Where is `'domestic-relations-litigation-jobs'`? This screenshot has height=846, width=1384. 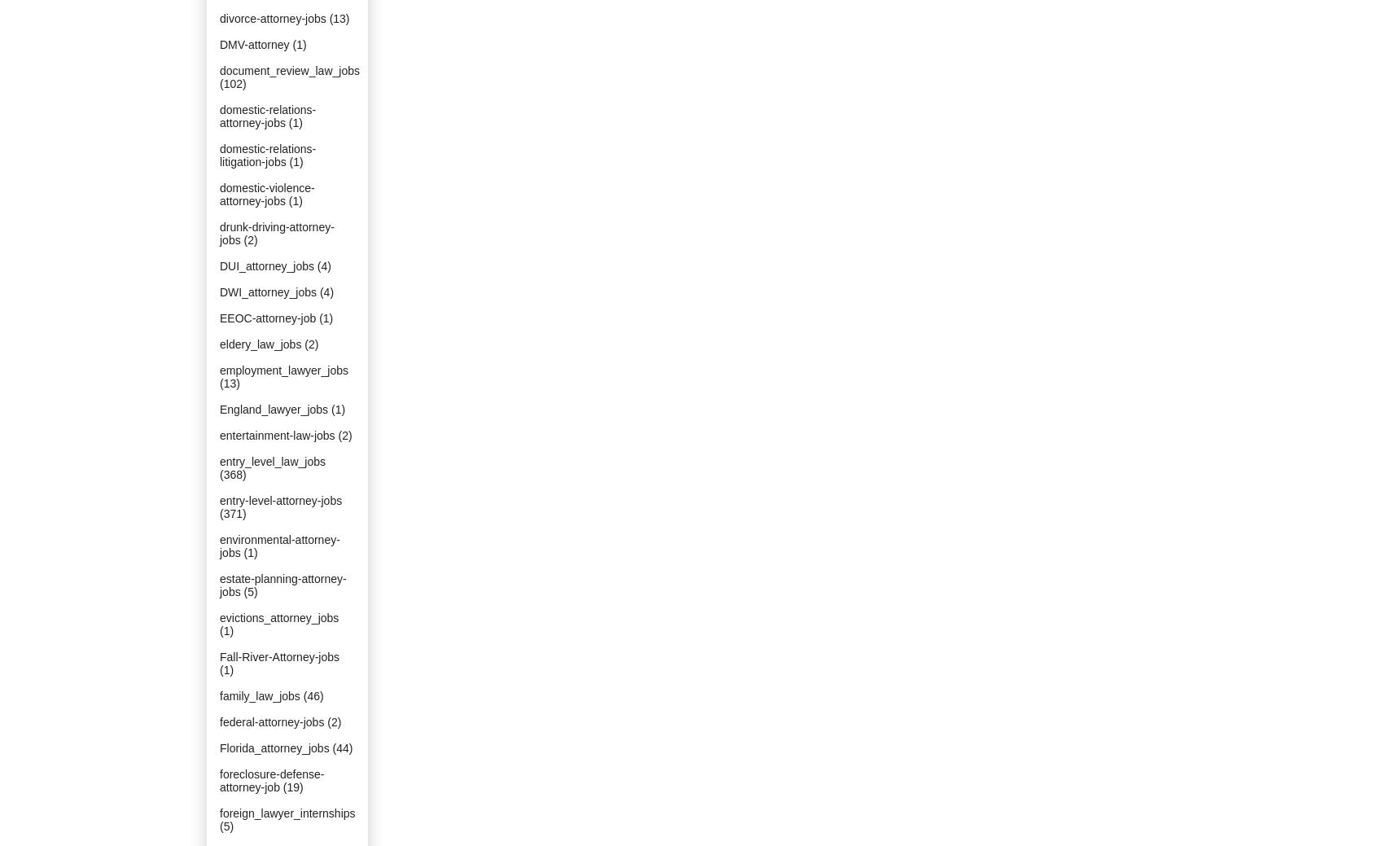
'domestic-relations-litigation-jobs' is located at coordinates (266, 155).